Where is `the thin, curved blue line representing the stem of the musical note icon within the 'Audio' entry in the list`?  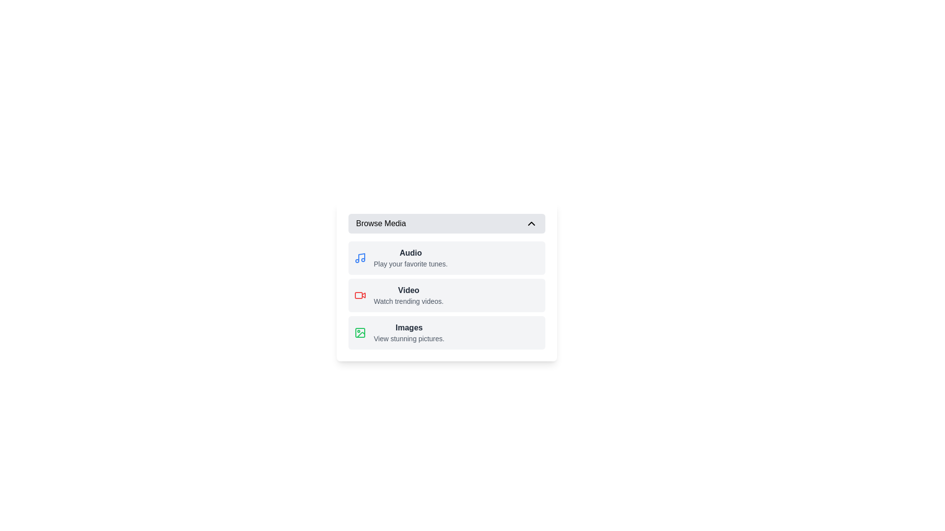
the thin, curved blue line representing the stem of the musical note icon within the 'Audio' entry in the list is located at coordinates (361, 257).